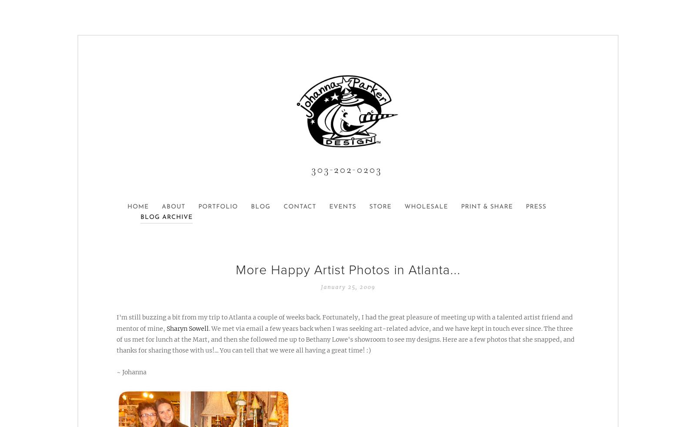 The width and height of the screenshot is (696, 427). I want to click on 'Store', so click(380, 206).